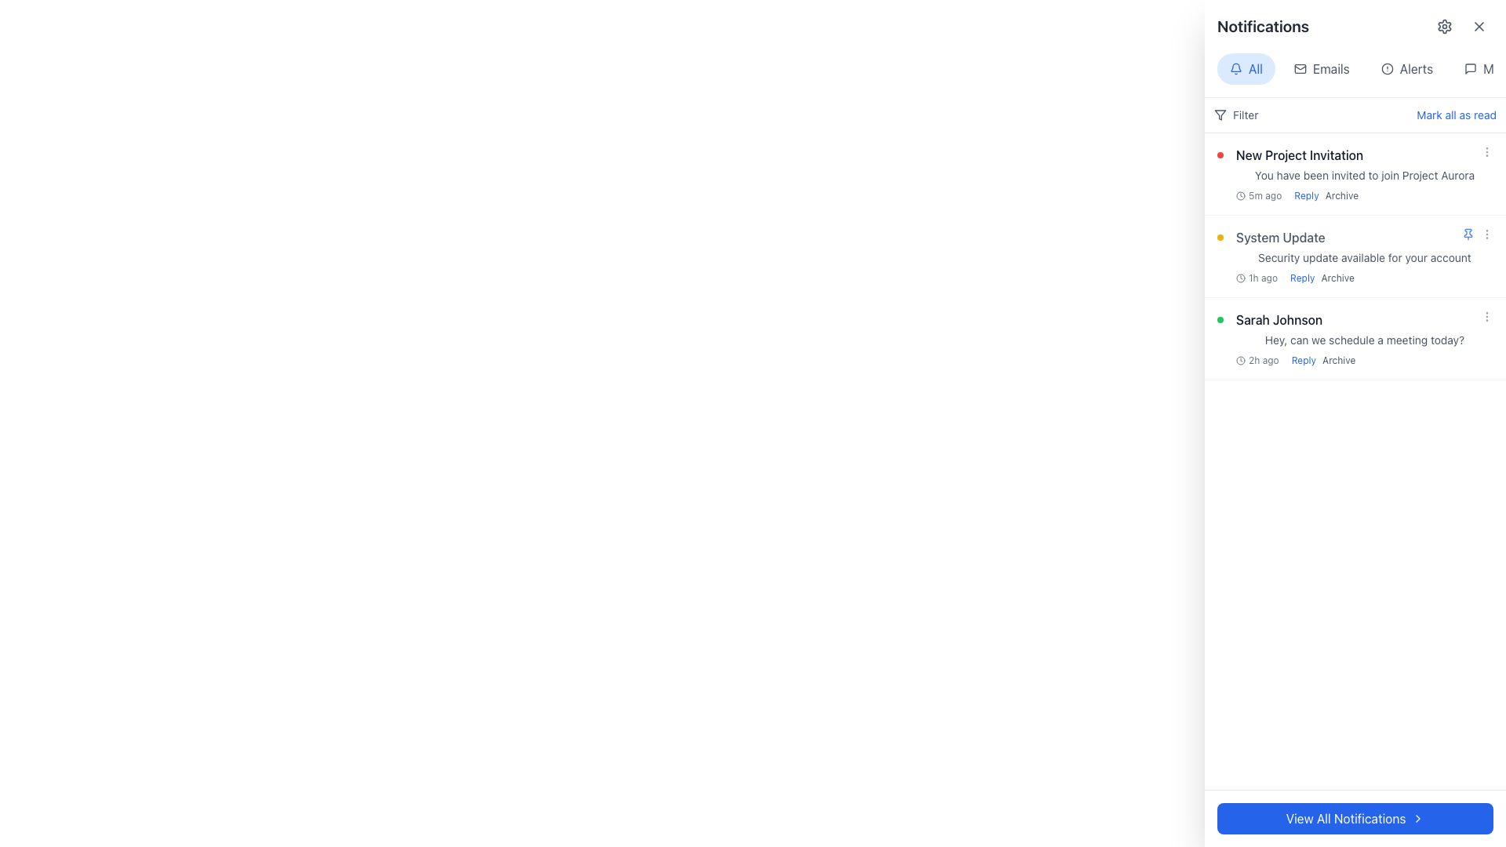  What do you see at coordinates (1479, 27) in the screenshot?
I see `the Close button represented by an 'X' icon within a circular button at the top-right corner of the notification panel` at bounding box center [1479, 27].